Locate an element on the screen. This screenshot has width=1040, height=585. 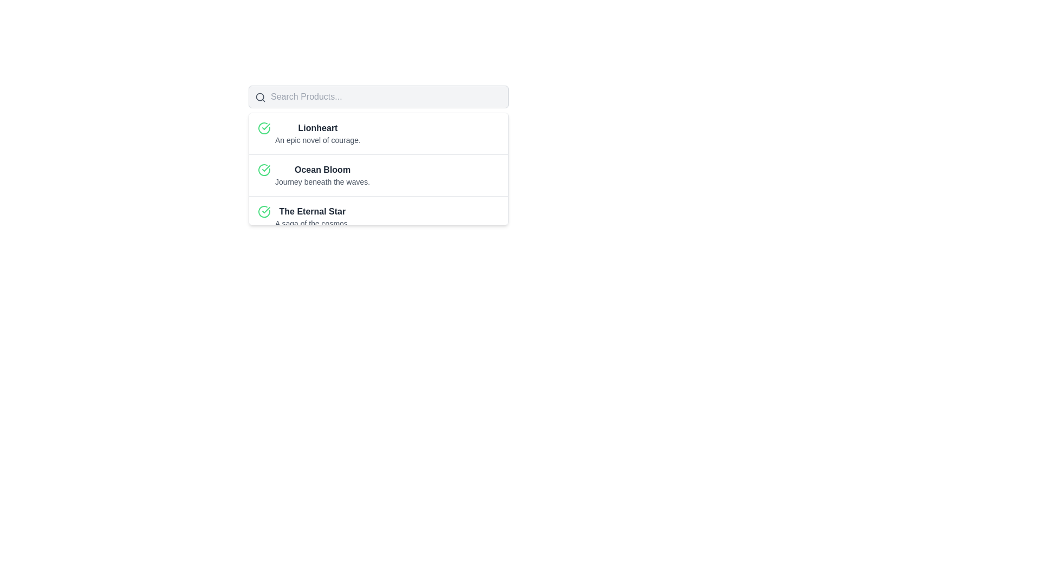
the text block displaying information about the book, which is the first item in the vertical list, located below the search bar is located at coordinates (317, 133).